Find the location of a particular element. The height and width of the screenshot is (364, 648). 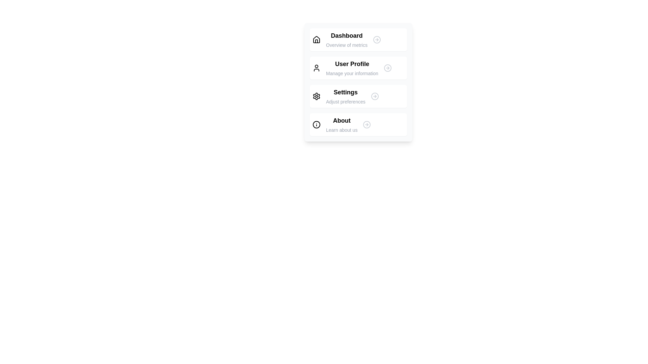

the circular information icon with a black outline located to the left of the 'About' text in the last row of the menu is located at coordinates (316, 125).